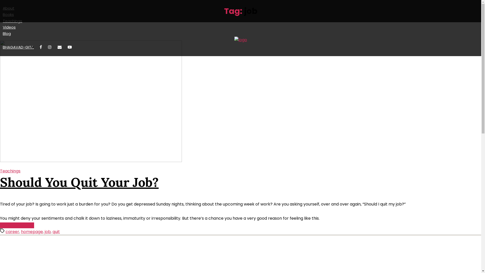 This screenshot has height=273, width=485. I want to click on 'quit', so click(56, 232).